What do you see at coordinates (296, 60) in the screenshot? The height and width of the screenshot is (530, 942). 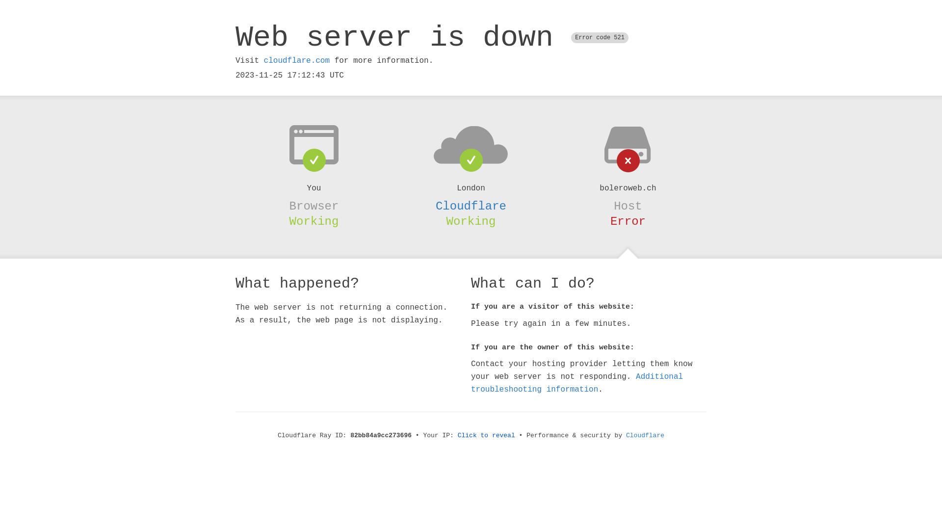 I see `'cloudflare.com'` at bounding box center [296, 60].